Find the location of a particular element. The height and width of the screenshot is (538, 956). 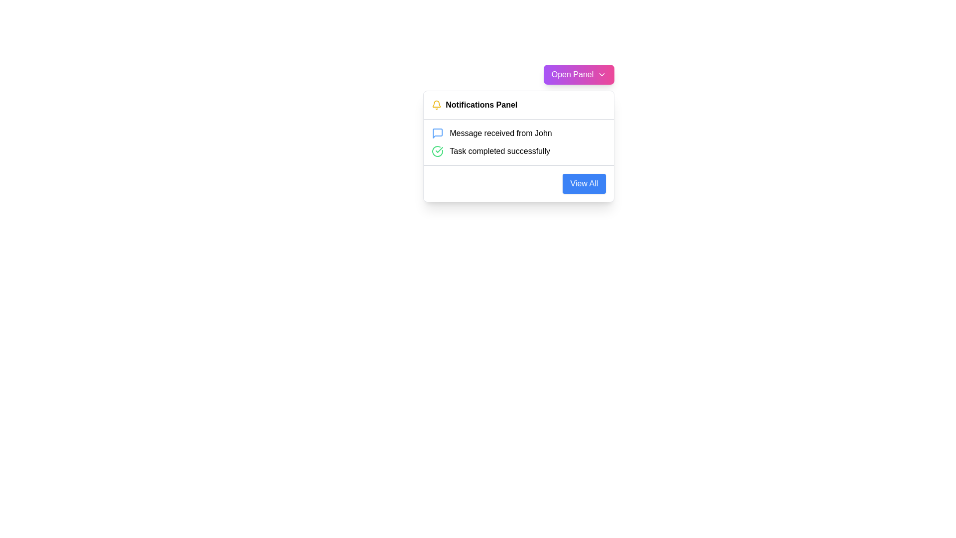

the second notification labeled 'Task completed successfully' in the Notifications Panel to acknowledge or interact with it is located at coordinates (518, 151).